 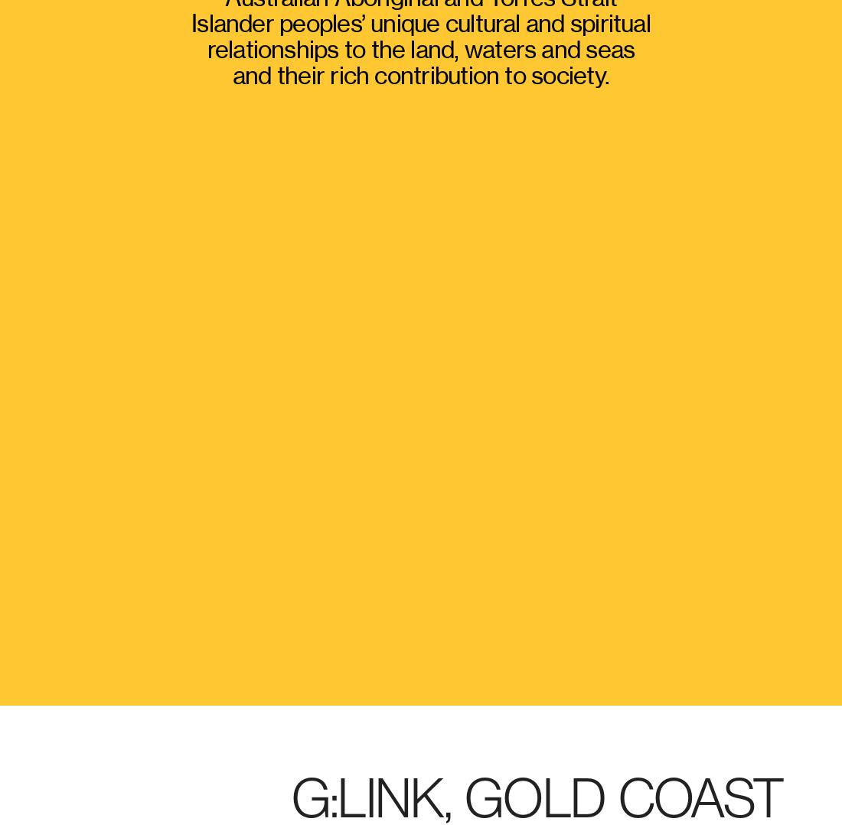 What do you see at coordinates (338, 674) in the screenshot?
I see `'This website uses cookies to offer you a great experience and to help us understand how our website is being used. By using this website, you consent to our'` at bounding box center [338, 674].